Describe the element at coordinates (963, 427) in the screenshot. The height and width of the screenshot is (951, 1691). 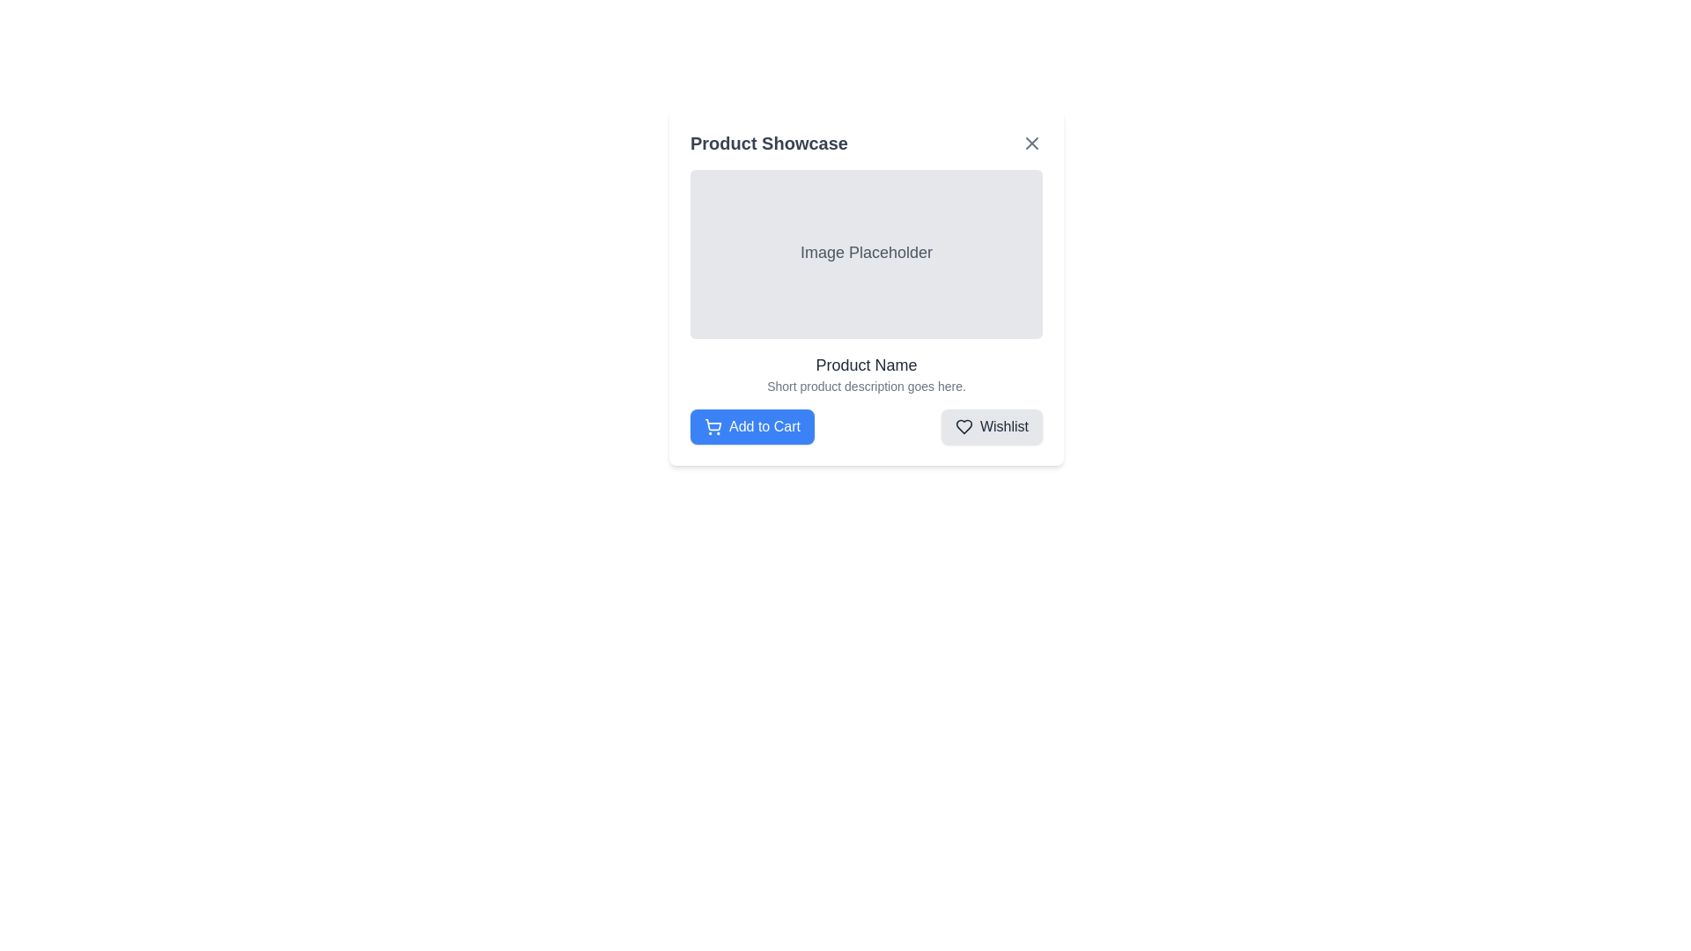
I see `the heart-shaped 'like' icon that is part of the 'Wishlist' button located in the lower-right area of the content card` at that location.